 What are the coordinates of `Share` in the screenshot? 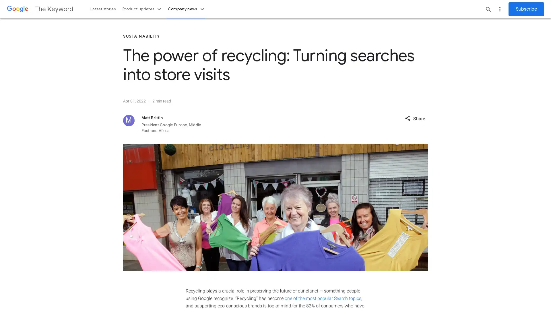 It's located at (415, 118).